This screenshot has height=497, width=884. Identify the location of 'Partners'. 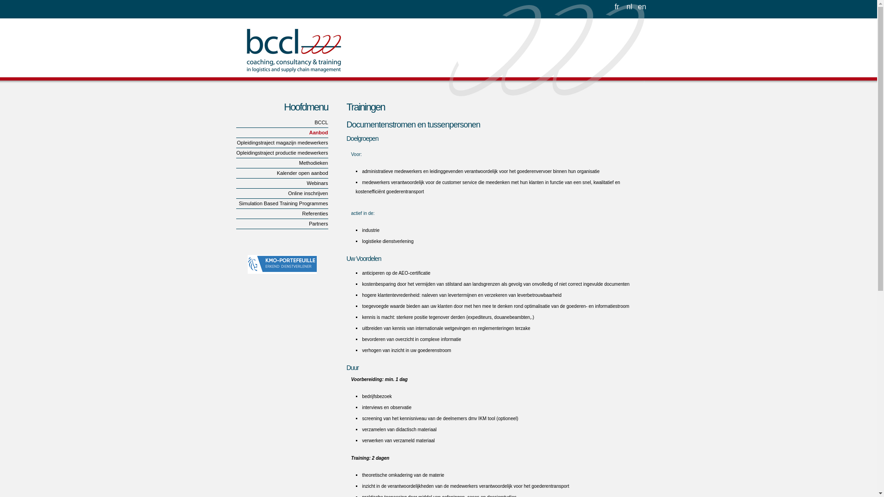
(281, 224).